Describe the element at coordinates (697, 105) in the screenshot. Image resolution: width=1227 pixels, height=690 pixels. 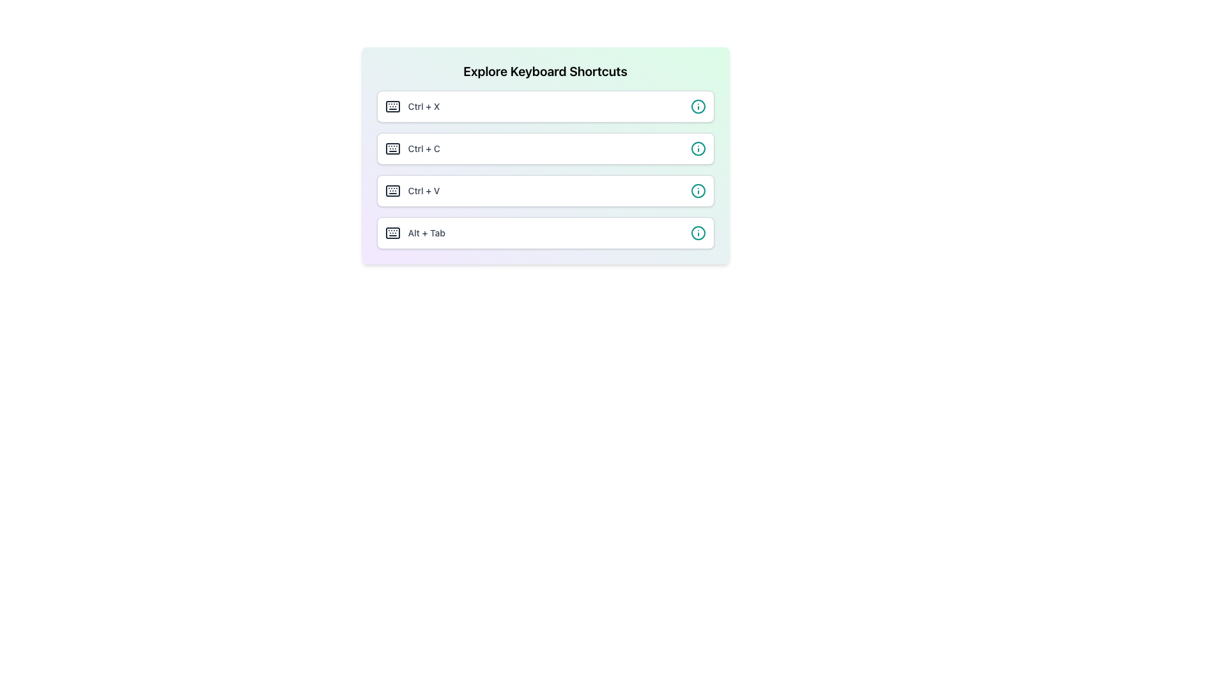
I see `the information icon located at the rightmost position of the 'Ctrl + X' entry` at that location.